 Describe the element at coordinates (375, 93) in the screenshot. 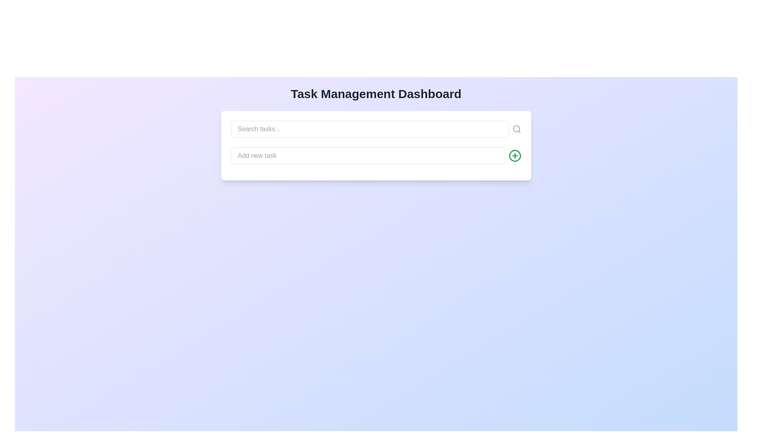

I see `the Text Header titled 'Task Management Dashboard', which is styled with a bold font and located at the top of the interface` at that location.